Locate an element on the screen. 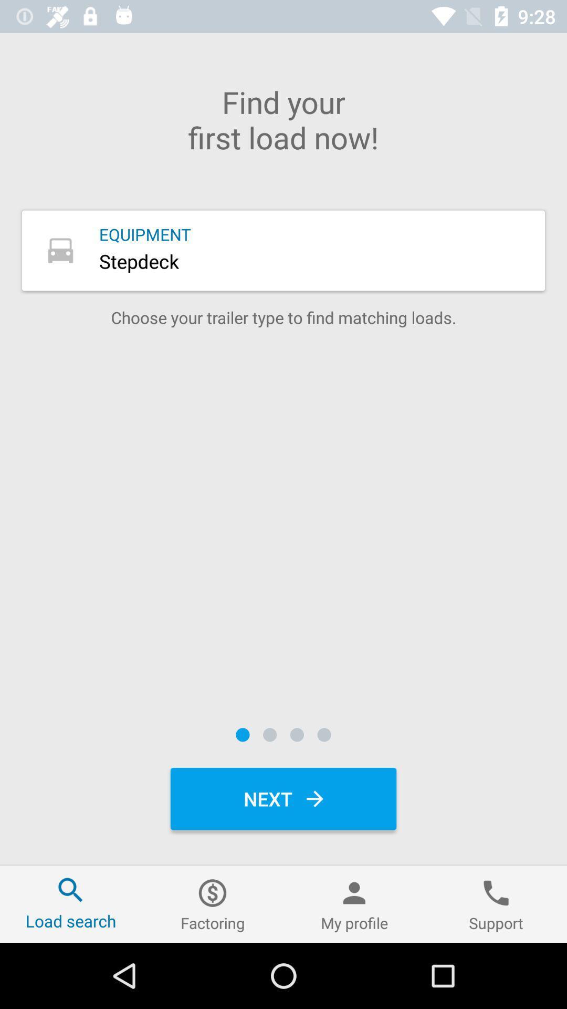 This screenshot has height=1009, width=567. the next is located at coordinates (283, 799).